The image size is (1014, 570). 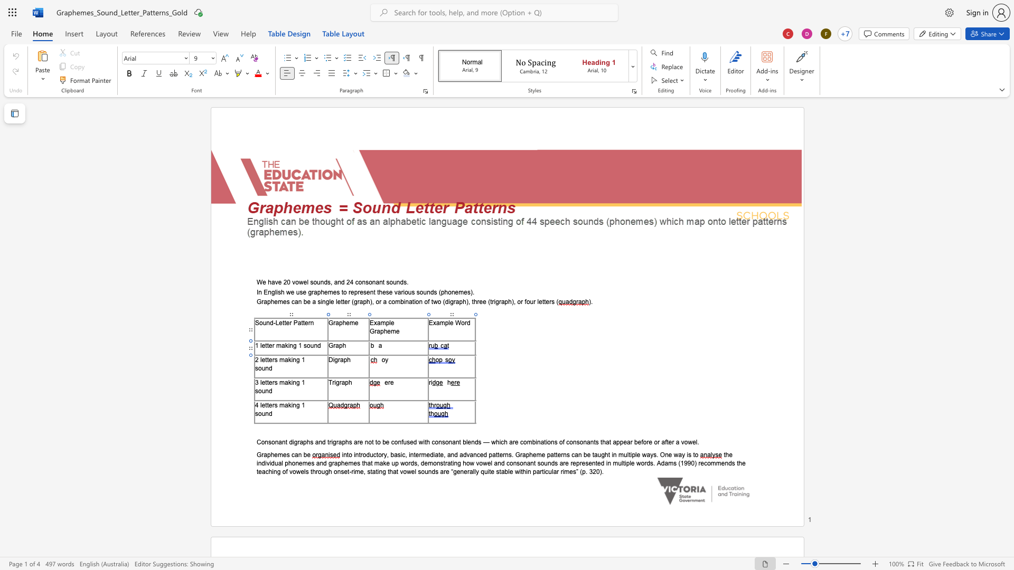 What do you see at coordinates (265, 367) in the screenshot?
I see `the space between the continuous character "u" and "n" in the text` at bounding box center [265, 367].